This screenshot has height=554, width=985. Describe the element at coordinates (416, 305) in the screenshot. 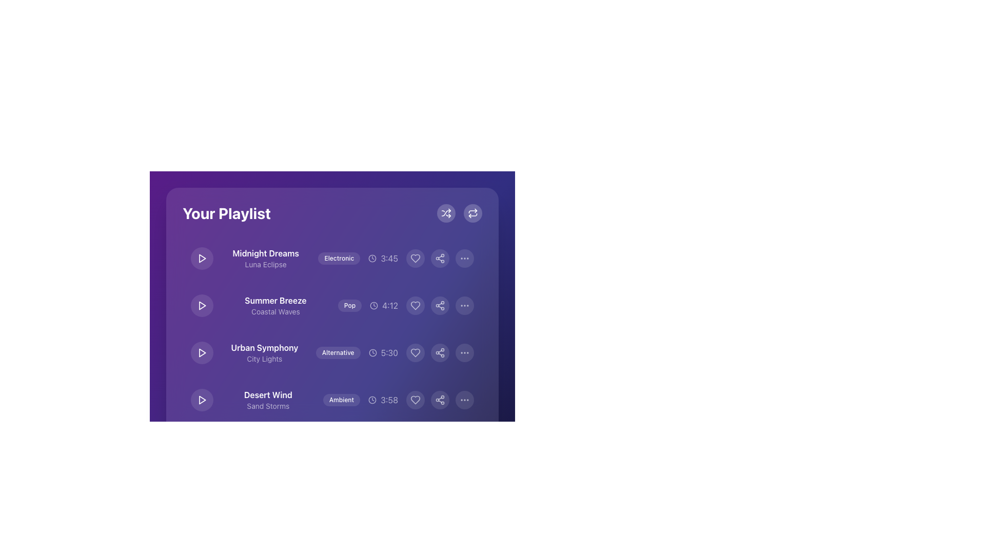

I see `the circular button with a white outlined heart icon located on the right side of the playlist entry 'Summer Breeze'` at that location.